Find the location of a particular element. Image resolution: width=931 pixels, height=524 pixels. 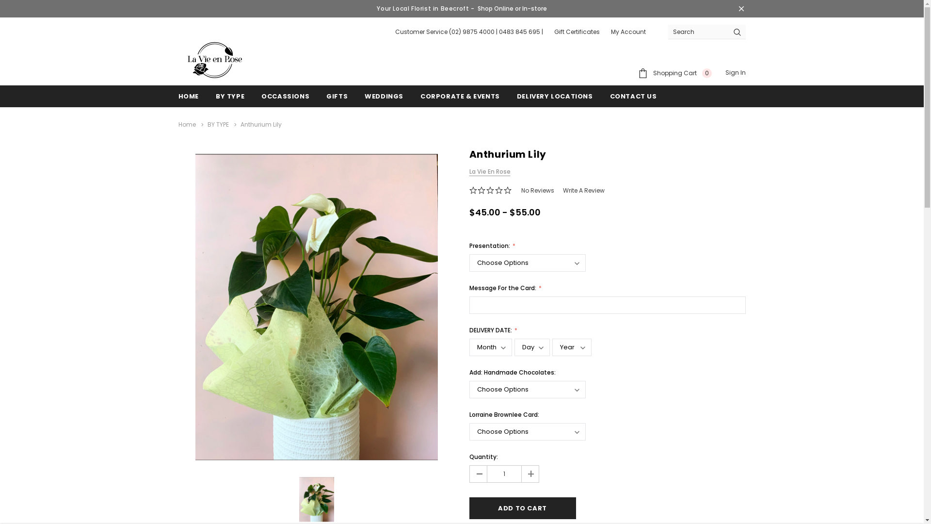

'+' is located at coordinates (529, 473).